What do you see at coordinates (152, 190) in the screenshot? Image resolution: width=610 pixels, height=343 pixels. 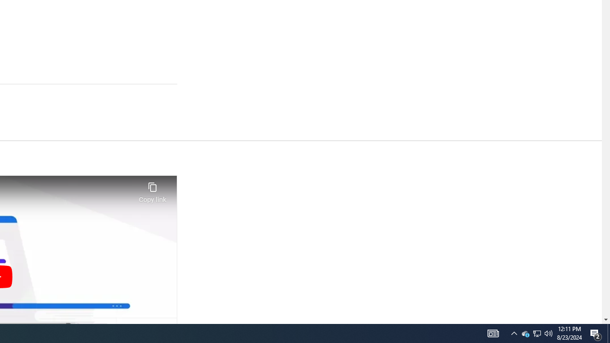 I see `'Copy link'` at bounding box center [152, 190].